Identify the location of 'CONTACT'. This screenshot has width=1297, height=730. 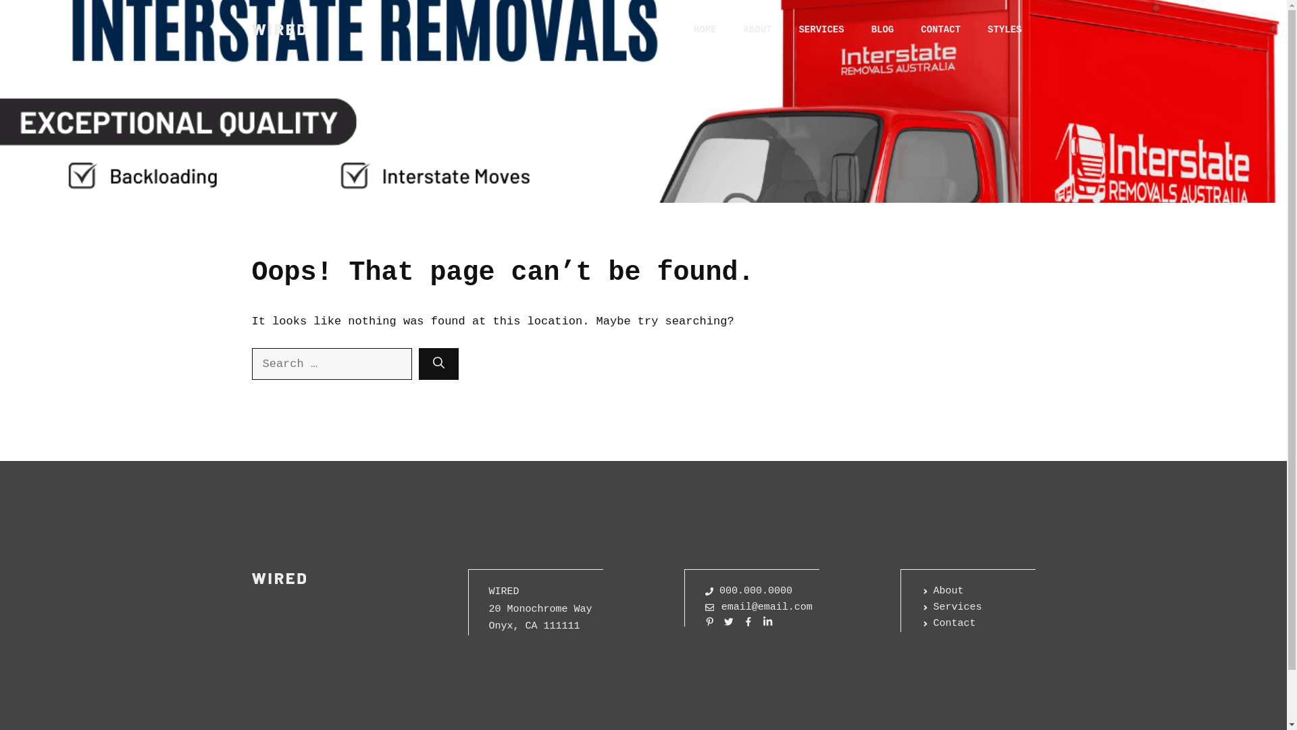
(940, 29).